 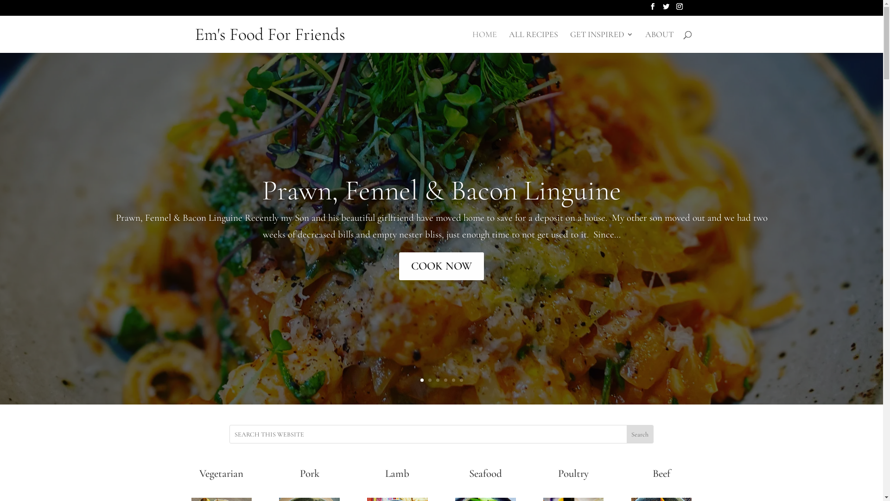 I want to click on '5', so click(x=451, y=380).